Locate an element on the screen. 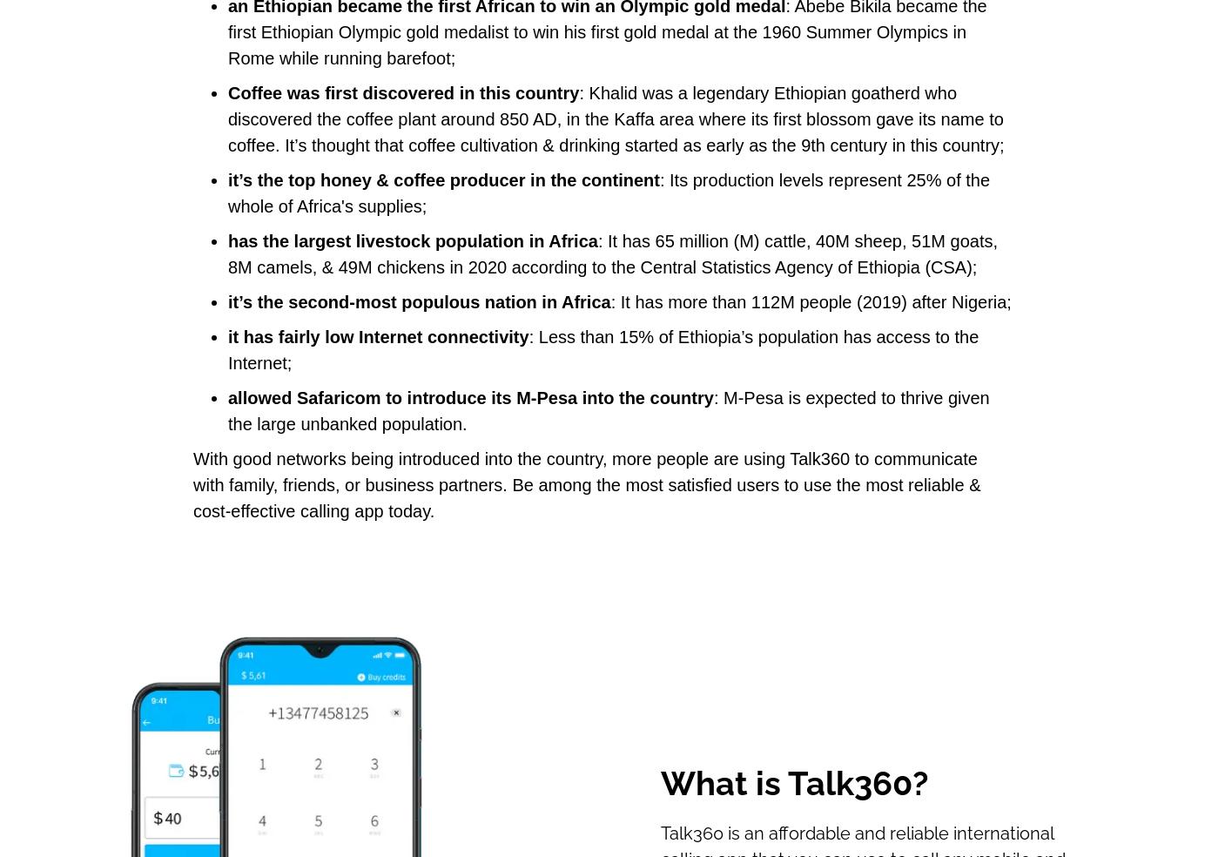  ': It has more than 112M people (2019) after Nigeria;' is located at coordinates (609, 300).